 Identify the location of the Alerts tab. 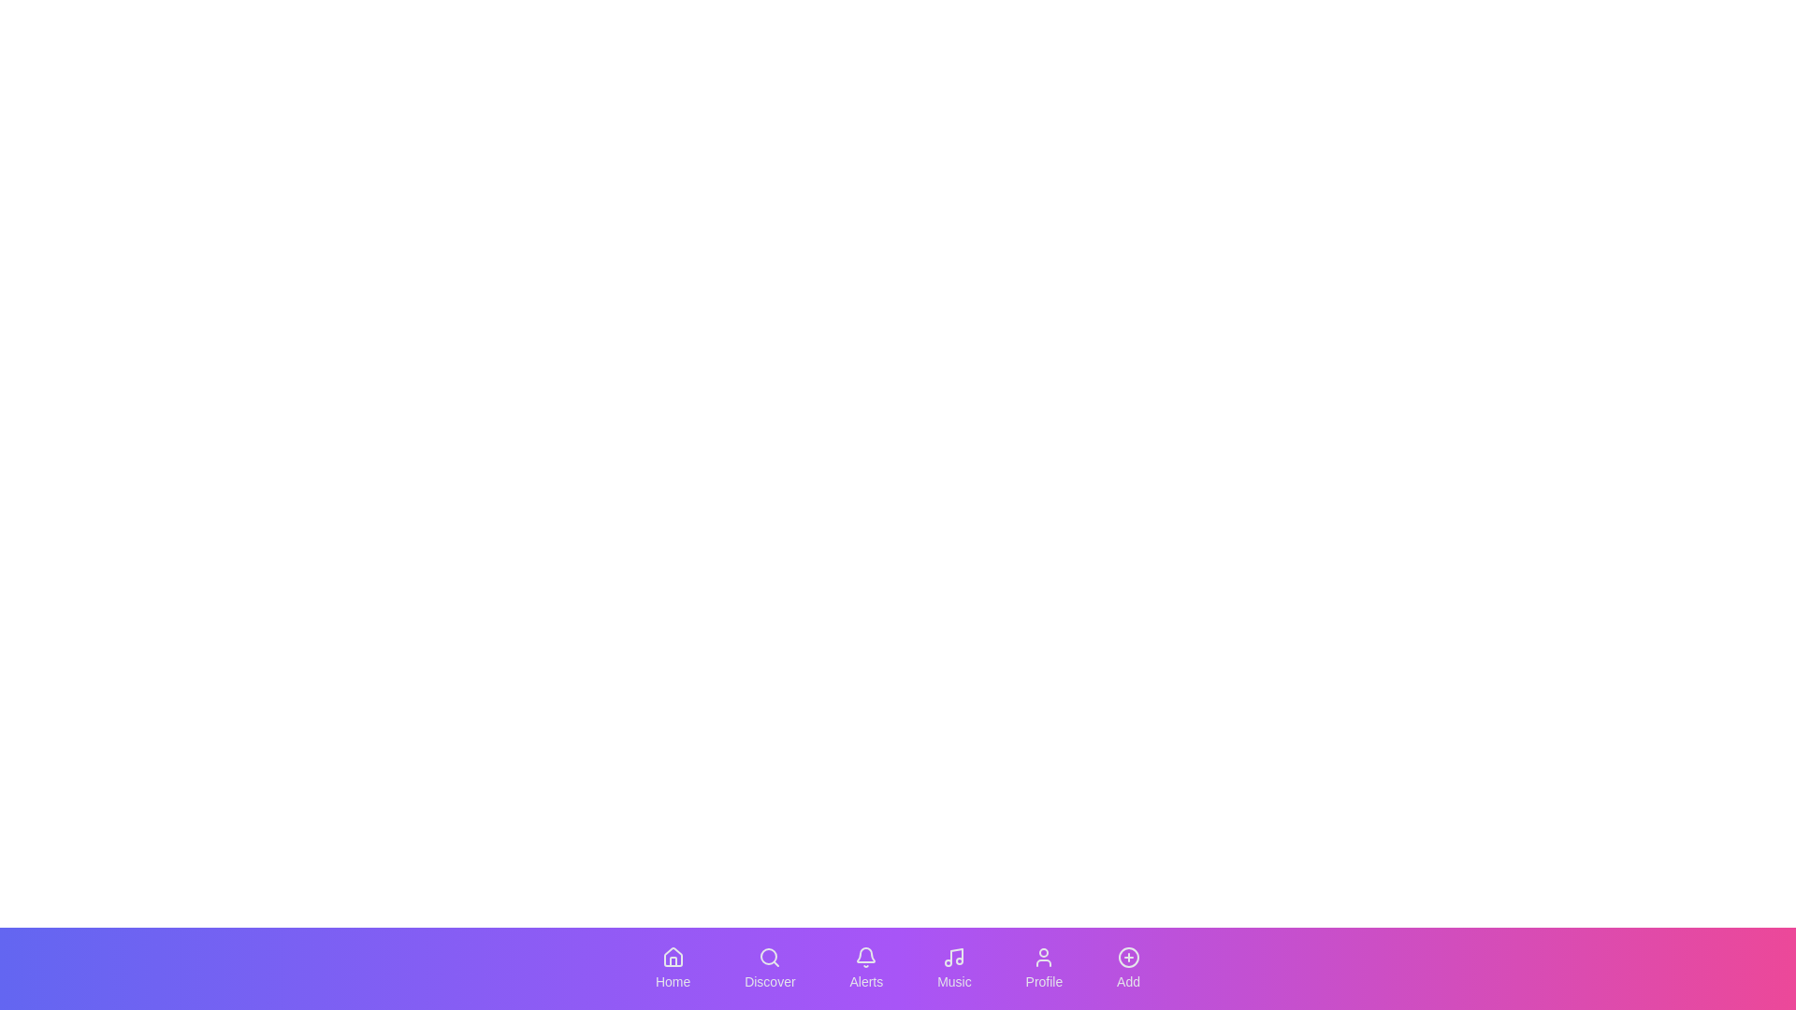
(865, 968).